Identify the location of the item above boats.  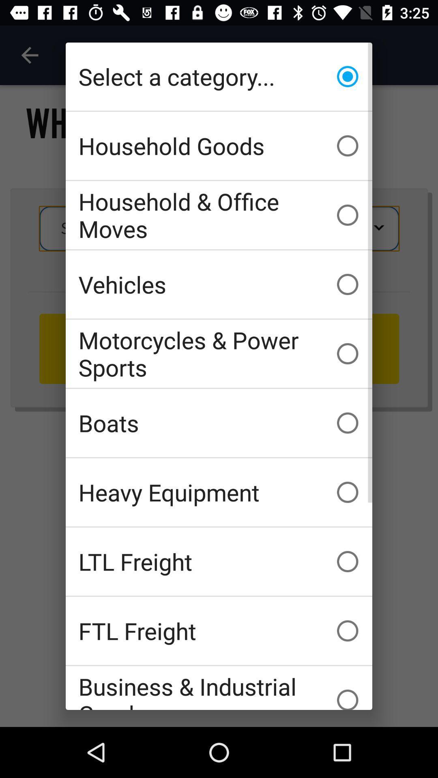
(219, 354).